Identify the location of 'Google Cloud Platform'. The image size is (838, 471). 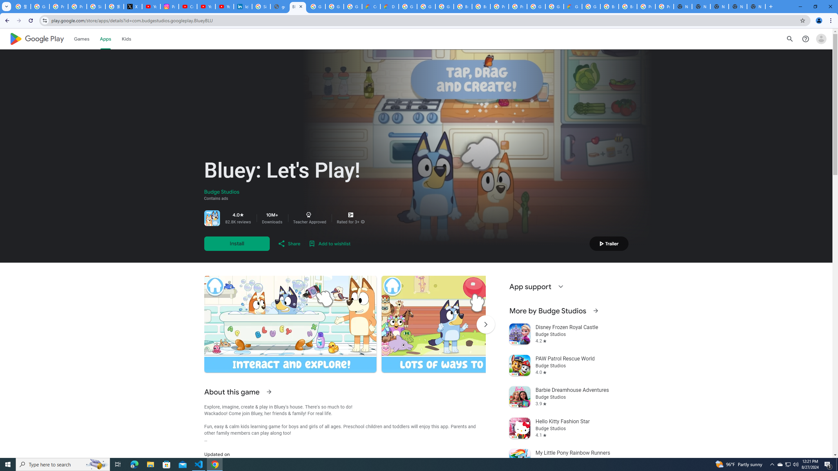
(554, 6).